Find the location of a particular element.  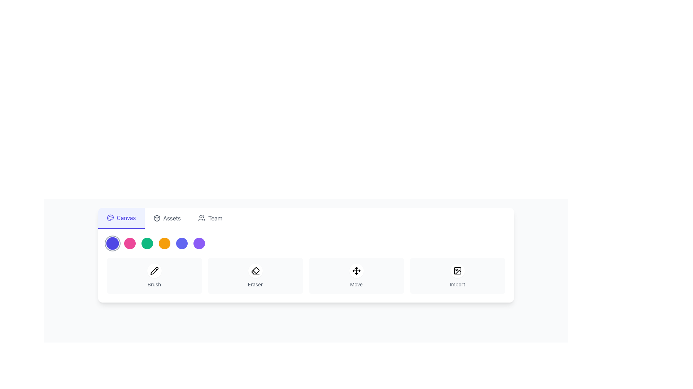

the 'Eraser' text label, which is displayed in a small, gray font and positioned below an eraser icon within the second card of a horizontal row of four cards is located at coordinates (255, 284).